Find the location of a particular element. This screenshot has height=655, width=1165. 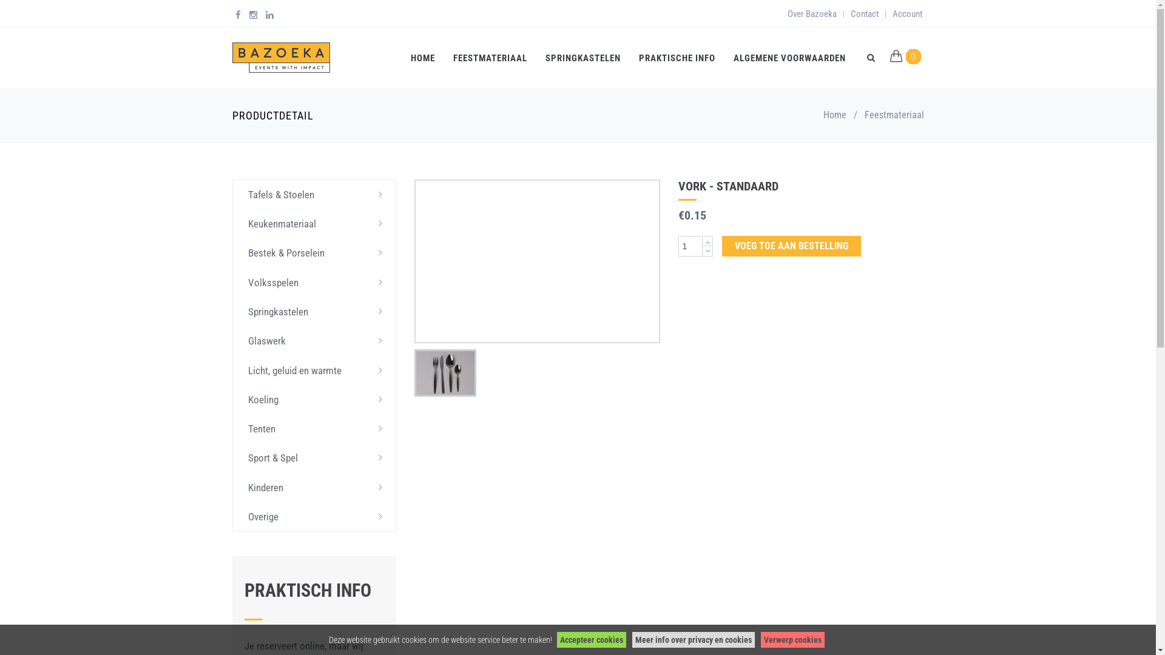

'FEESTMATERIAAL' is located at coordinates (490, 58).